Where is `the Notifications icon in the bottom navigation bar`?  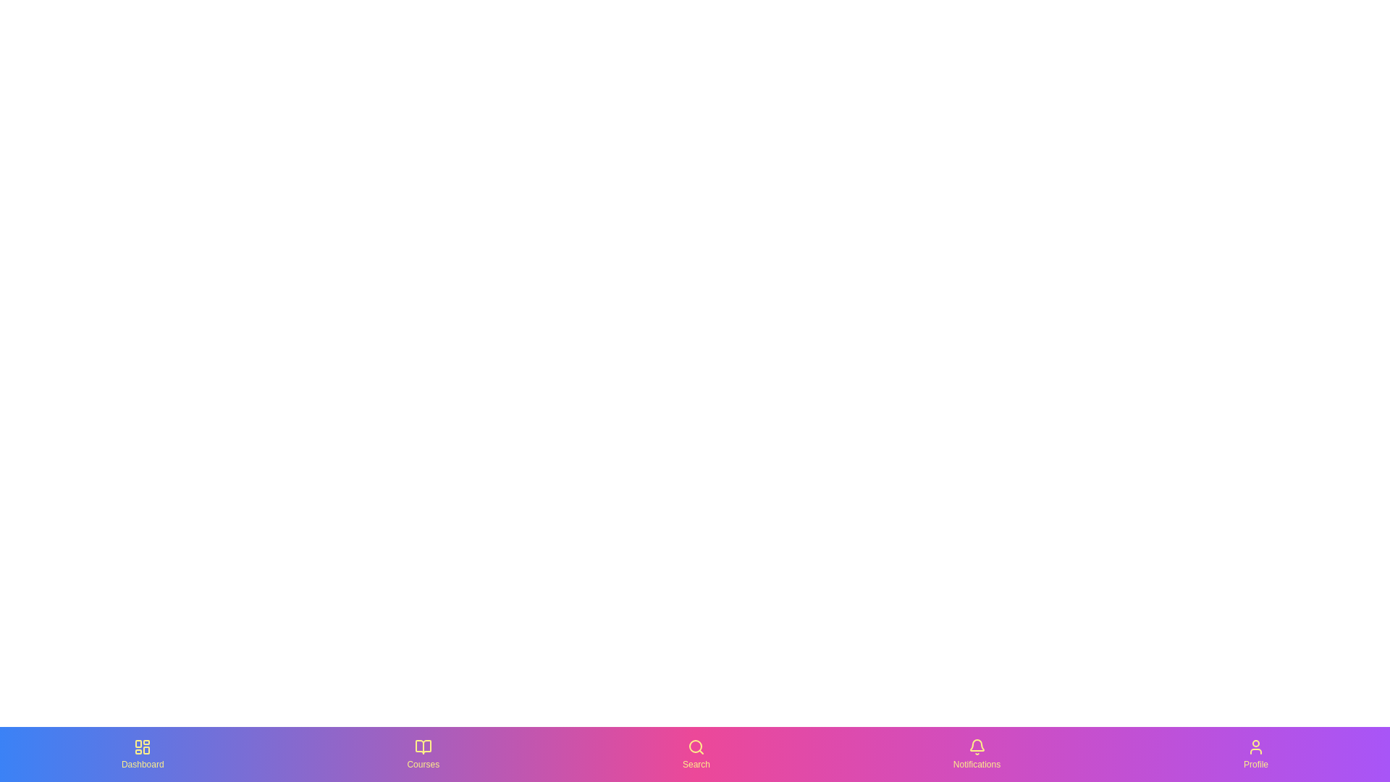
the Notifications icon in the bottom navigation bar is located at coordinates (976, 753).